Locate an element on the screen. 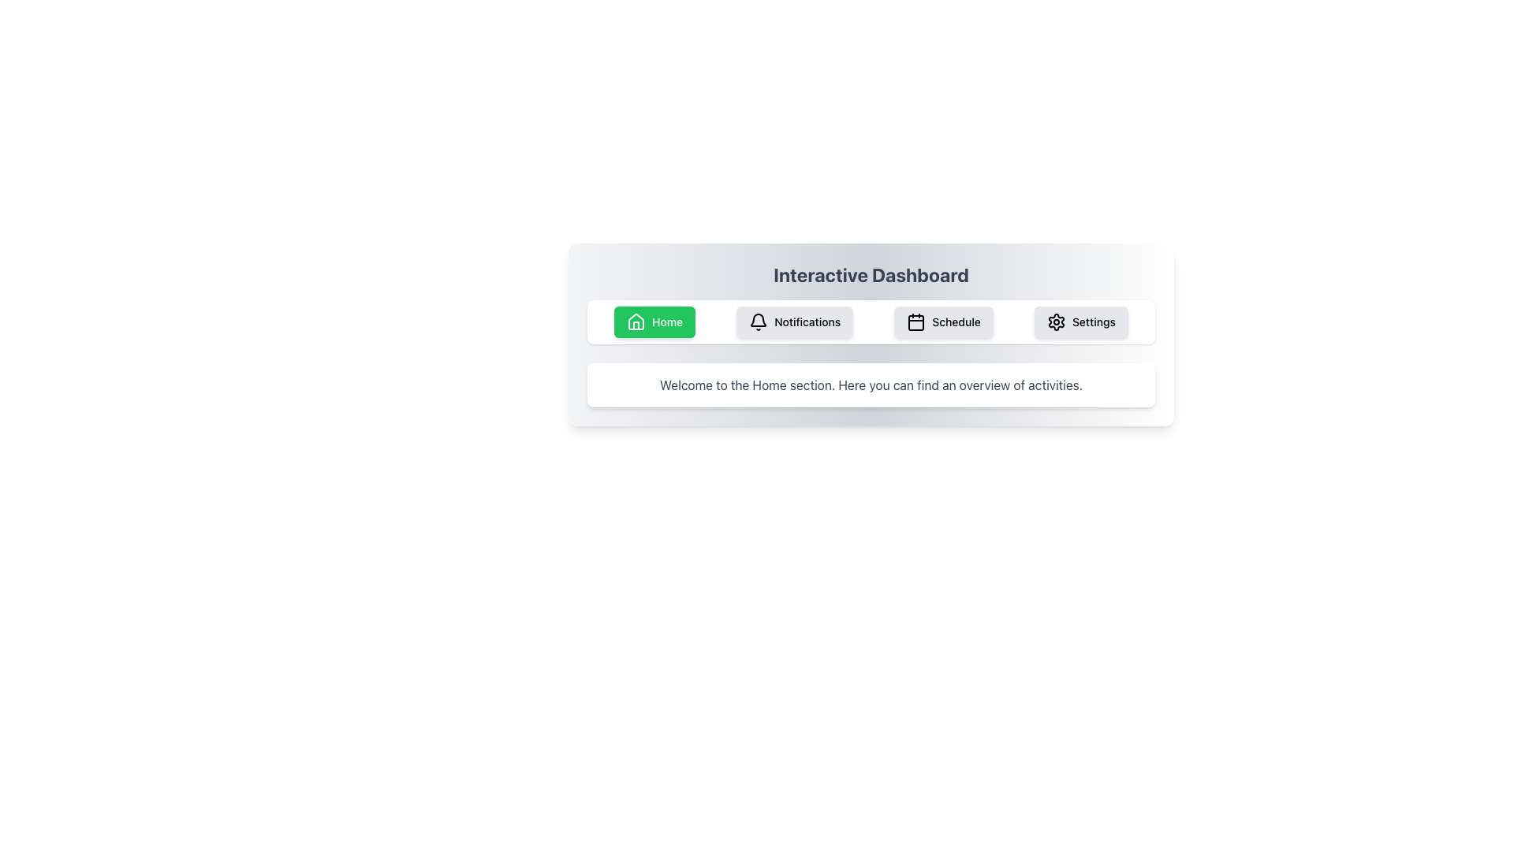 This screenshot has height=851, width=1514. the label text that indicates the function of the 'Notifications' button, enhancing the understanding of its purpose is located at coordinates (807, 321).